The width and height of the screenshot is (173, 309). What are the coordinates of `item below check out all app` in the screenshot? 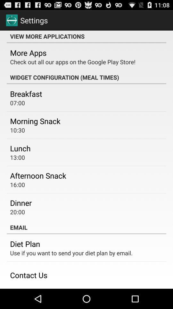 It's located at (86, 77).